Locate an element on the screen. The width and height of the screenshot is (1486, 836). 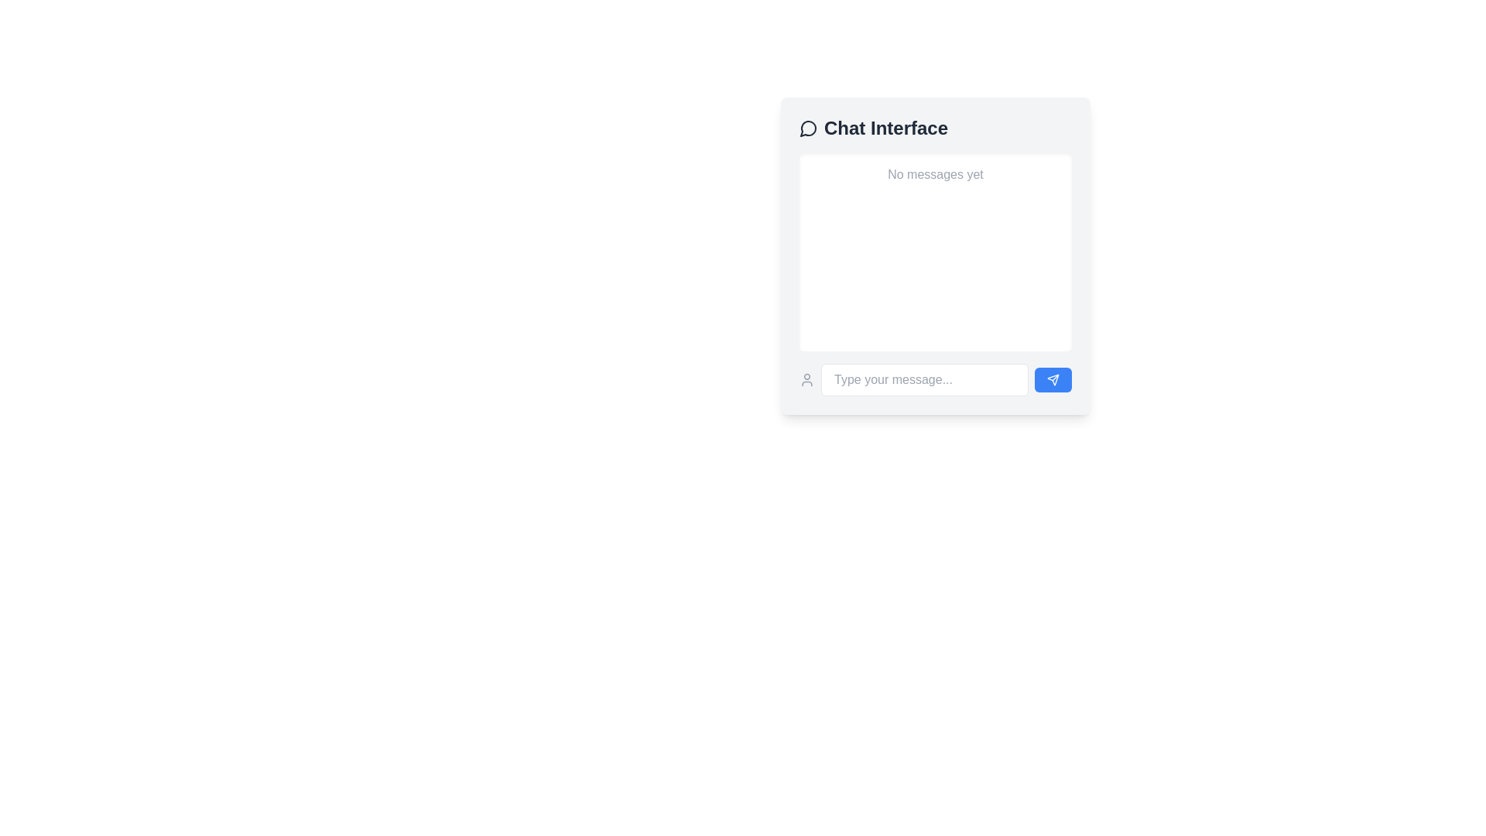
the light gray text label displaying 'No messages yet' in the upper-central region of the chat box is located at coordinates (935, 174).